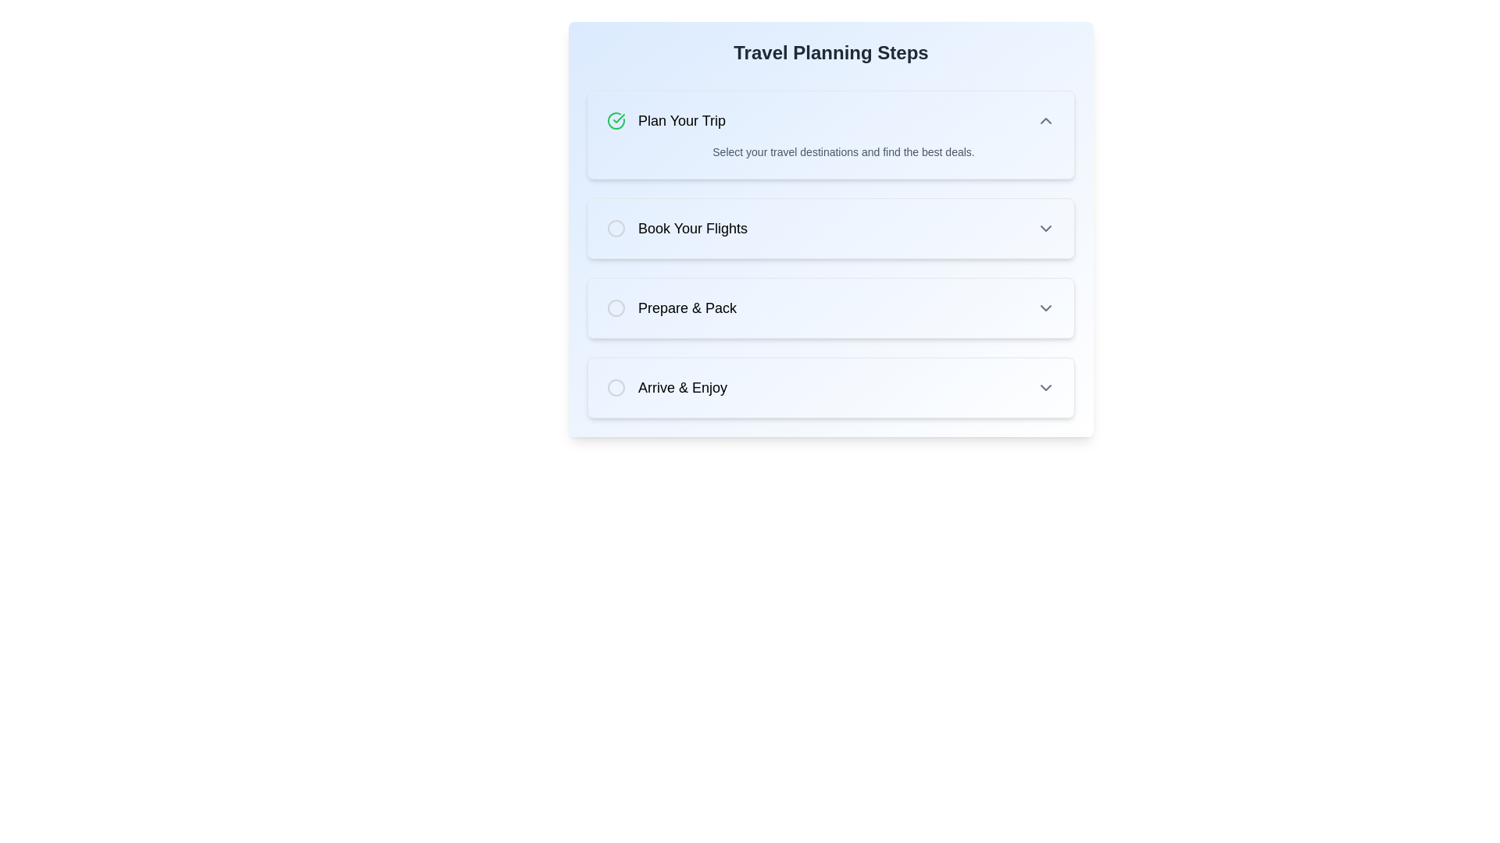 The image size is (1500, 843). Describe the element at coordinates (618, 117) in the screenshot. I see `the visual marker icon indicating successful completion of the 'Plan Your Trip' step, positioned to the left of the corresponding text` at that location.